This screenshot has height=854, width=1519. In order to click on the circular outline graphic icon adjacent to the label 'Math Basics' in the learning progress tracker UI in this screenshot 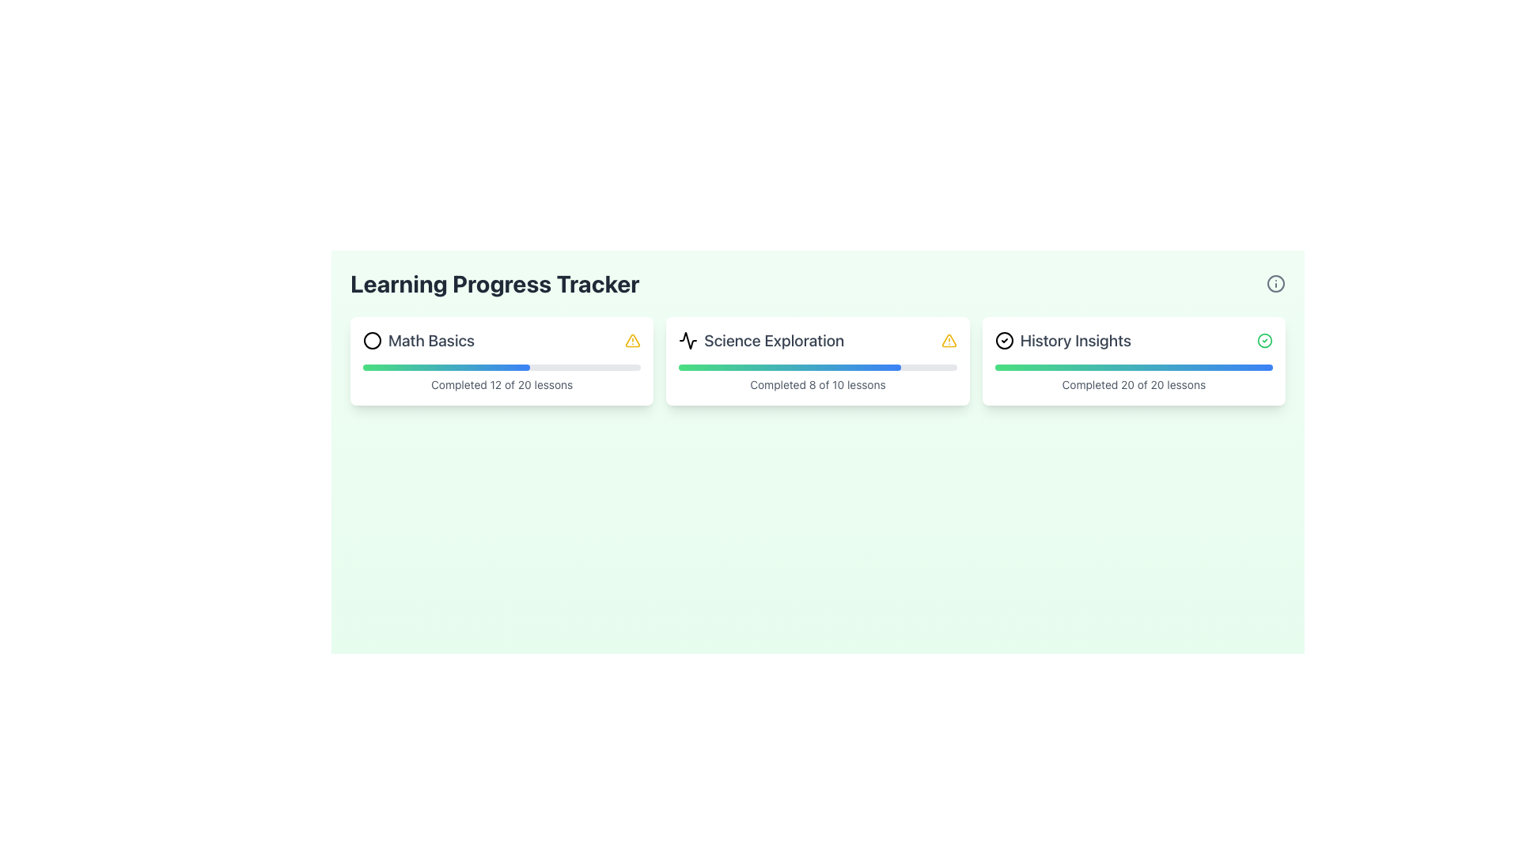, I will do `click(371, 340)`.